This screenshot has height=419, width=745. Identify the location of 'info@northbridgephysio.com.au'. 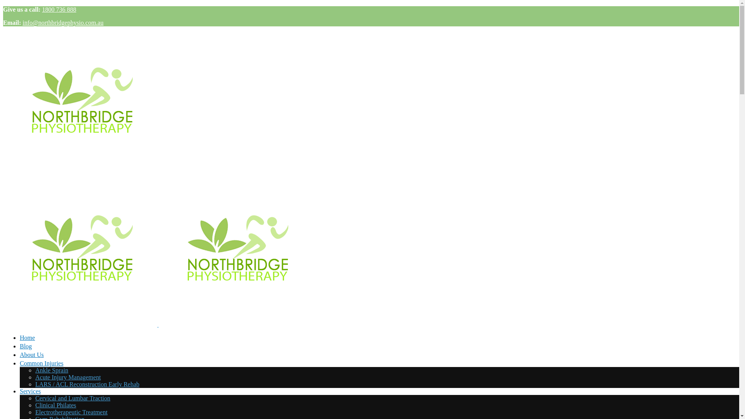
(63, 22).